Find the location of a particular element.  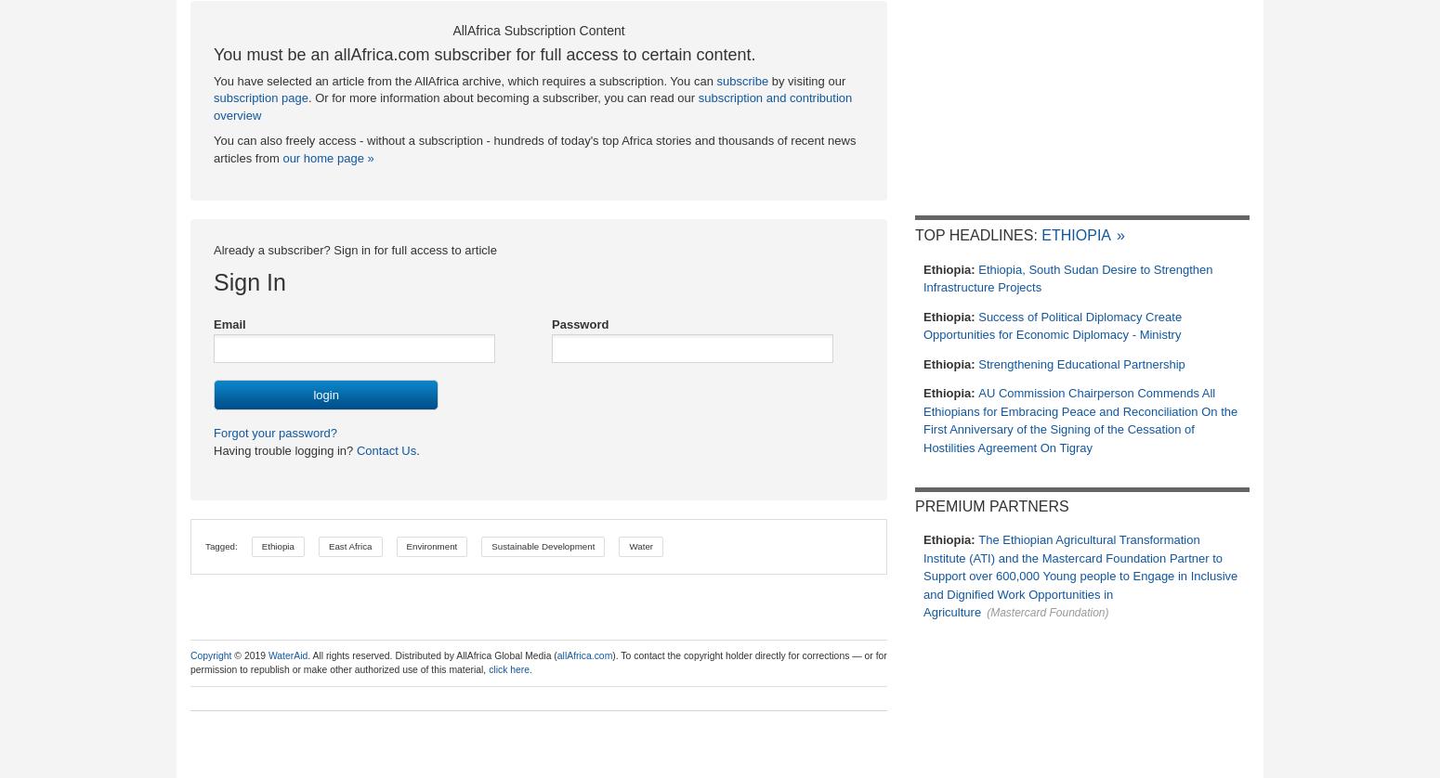

'(Mastercard Foundation)' is located at coordinates (987, 612).